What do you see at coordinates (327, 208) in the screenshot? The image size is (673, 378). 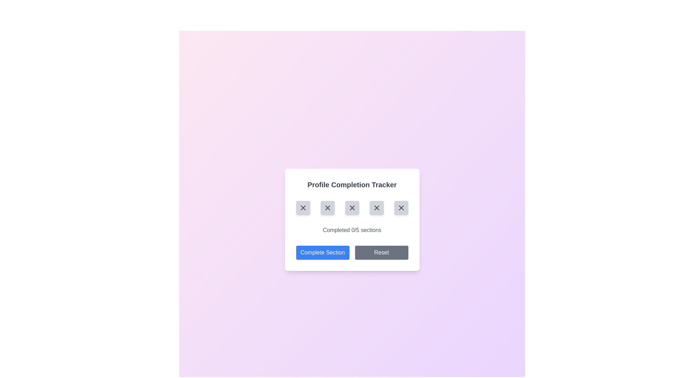 I see `the second circular button icon in the 'Profile Completion Tracker' modal that indicates a pending or incomplete section status` at bounding box center [327, 208].